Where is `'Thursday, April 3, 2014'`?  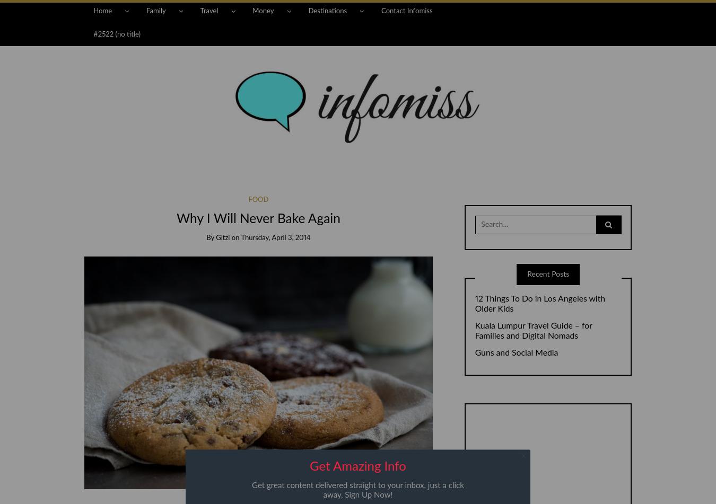 'Thursday, April 3, 2014' is located at coordinates (275, 238).